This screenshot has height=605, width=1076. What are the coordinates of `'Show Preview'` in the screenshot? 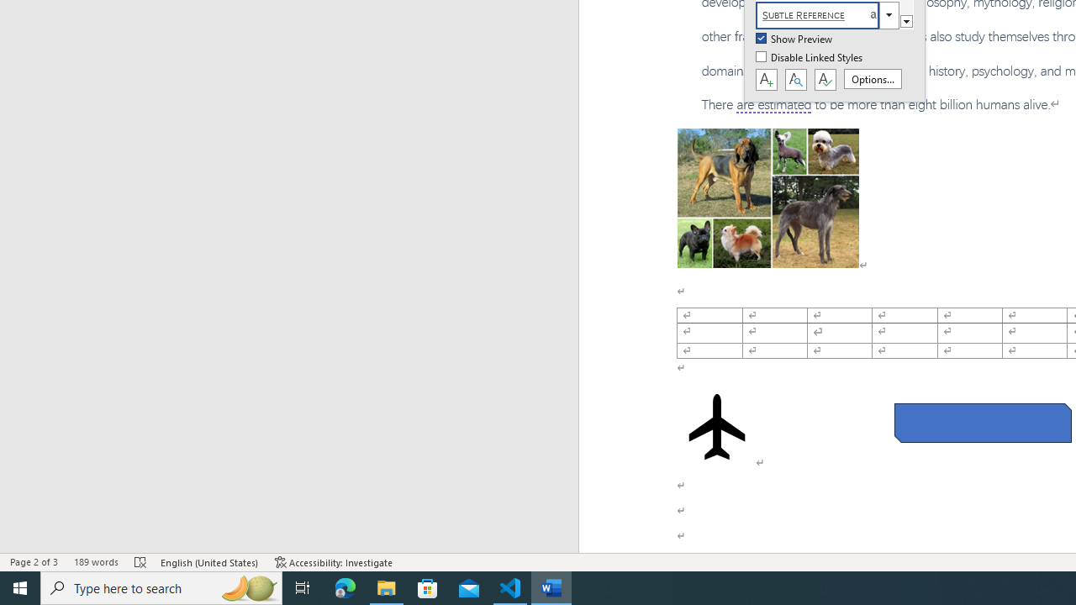 It's located at (794, 39).